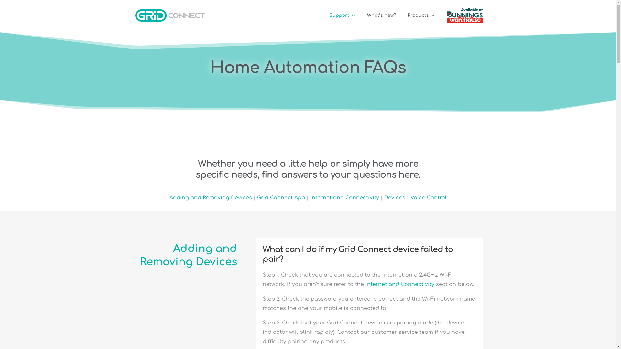  Describe the element at coordinates (394, 197) in the screenshot. I see `'Devices'` at that location.